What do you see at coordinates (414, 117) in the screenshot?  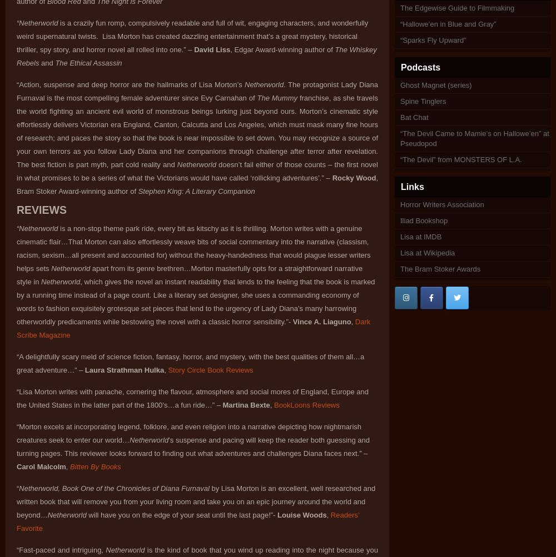 I see `'Bat Chat'` at bounding box center [414, 117].